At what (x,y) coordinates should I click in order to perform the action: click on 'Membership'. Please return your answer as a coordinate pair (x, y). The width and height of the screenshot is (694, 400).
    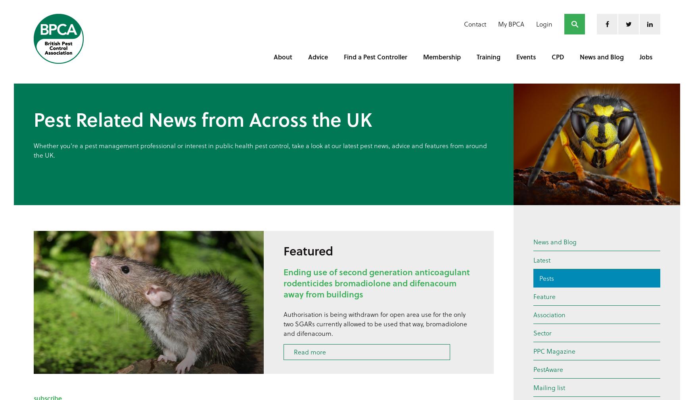
    Looking at the image, I should click on (442, 56).